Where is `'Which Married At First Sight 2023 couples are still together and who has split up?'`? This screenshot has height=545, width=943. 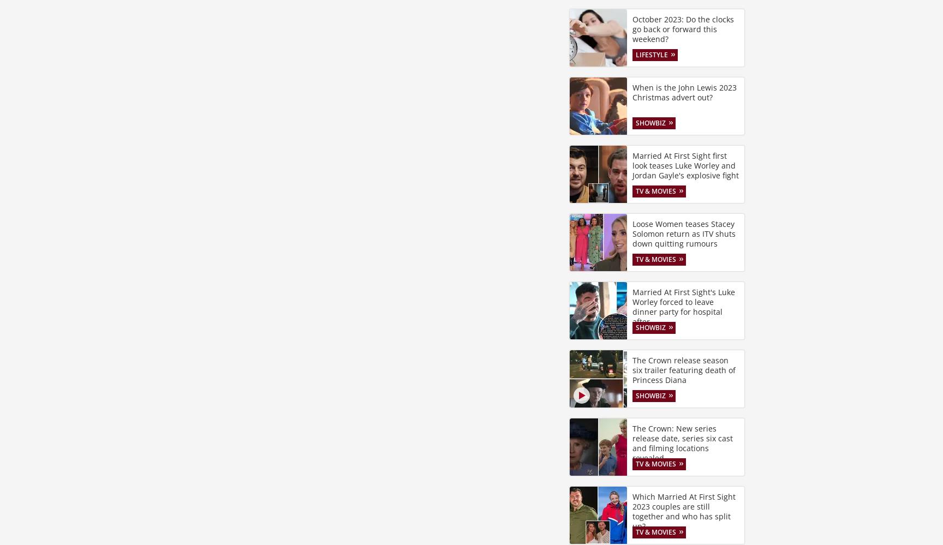
'Which Married At First Sight 2023 couples are still together and who has split up?' is located at coordinates (632, 511).